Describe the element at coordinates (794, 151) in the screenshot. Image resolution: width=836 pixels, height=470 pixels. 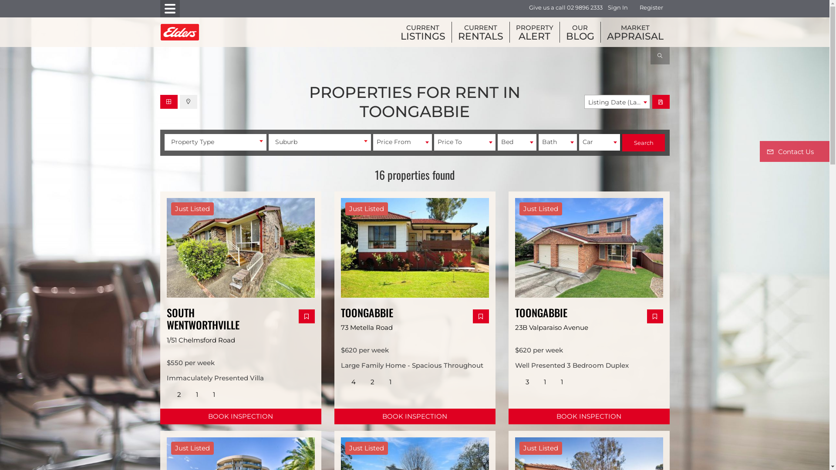
I see `'Contact Us'` at that location.